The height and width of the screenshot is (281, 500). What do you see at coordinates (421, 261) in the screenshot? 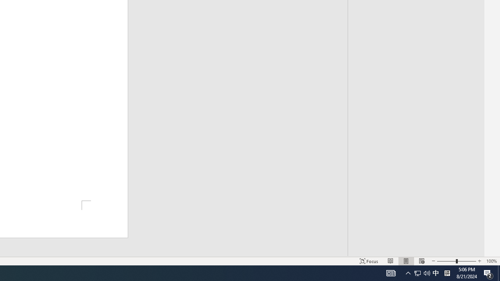
I see `'Web Layout'` at bounding box center [421, 261].